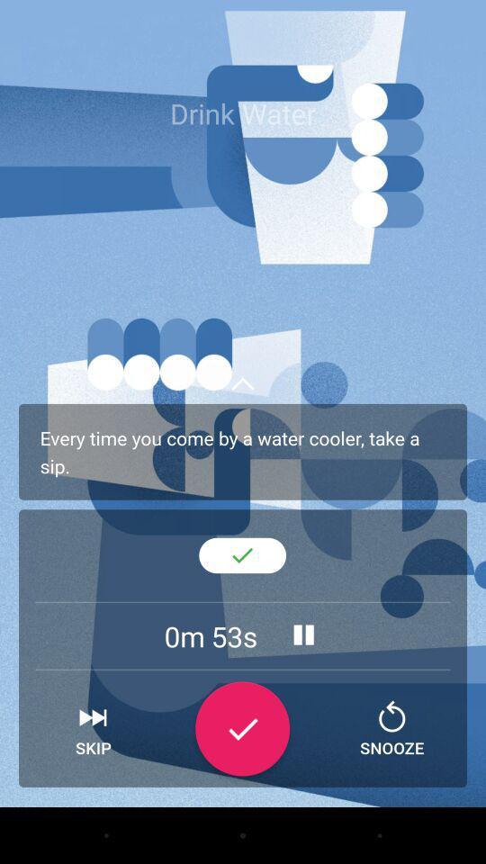 The image size is (486, 864). I want to click on the option snooze, so click(391, 729).